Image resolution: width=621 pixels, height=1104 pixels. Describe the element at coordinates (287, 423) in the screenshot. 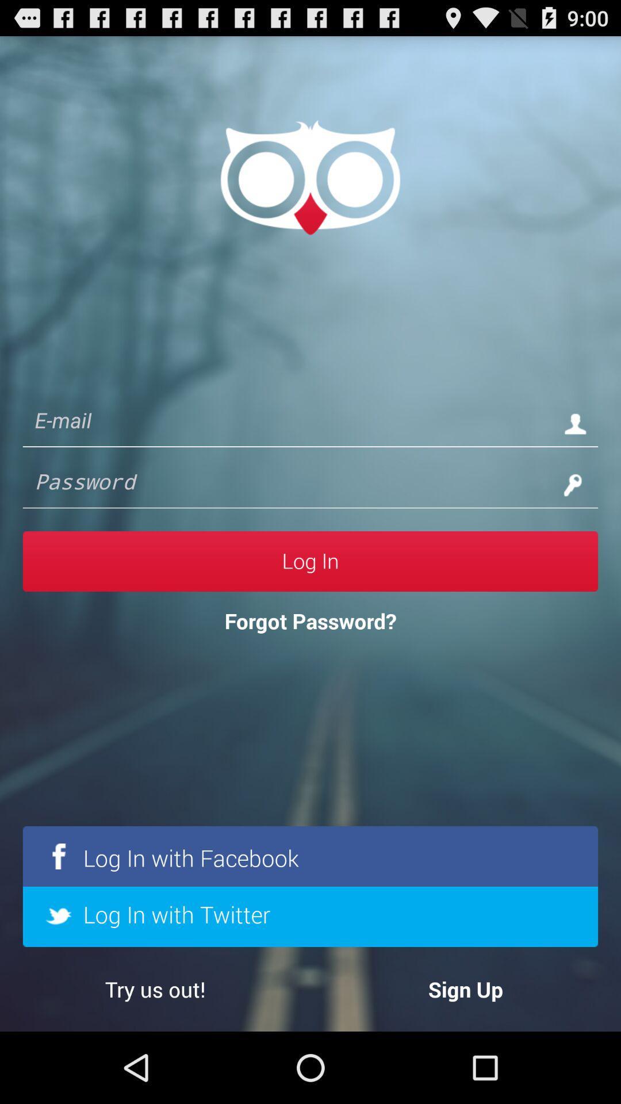

I see `your e-mail address` at that location.